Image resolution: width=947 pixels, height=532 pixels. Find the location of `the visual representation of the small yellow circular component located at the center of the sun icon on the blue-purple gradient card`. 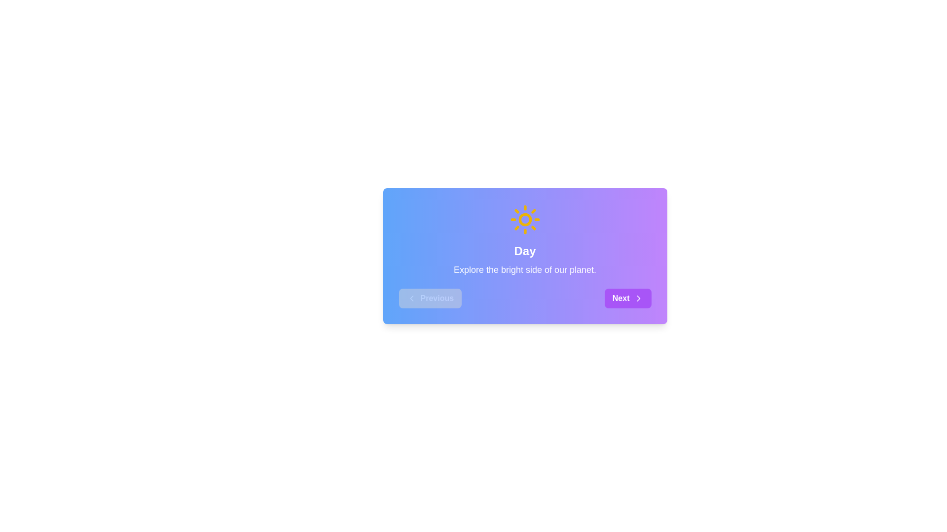

the visual representation of the small yellow circular component located at the center of the sun icon on the blue-purple gradient card is located at coordinates (524, 219).